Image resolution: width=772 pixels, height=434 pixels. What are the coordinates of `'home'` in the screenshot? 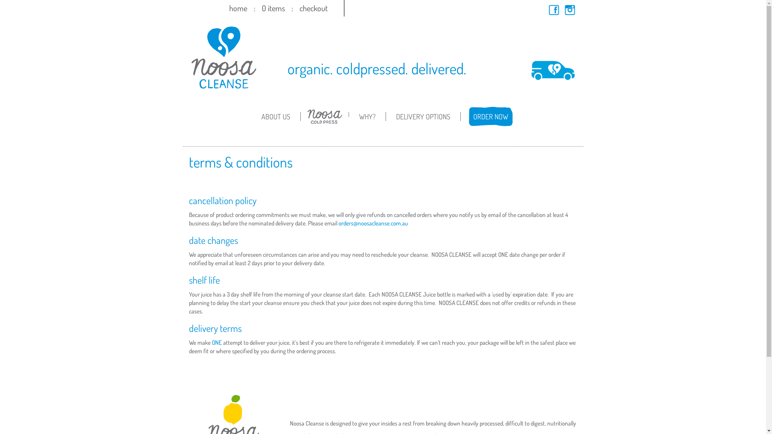 It's located at (238, 8).